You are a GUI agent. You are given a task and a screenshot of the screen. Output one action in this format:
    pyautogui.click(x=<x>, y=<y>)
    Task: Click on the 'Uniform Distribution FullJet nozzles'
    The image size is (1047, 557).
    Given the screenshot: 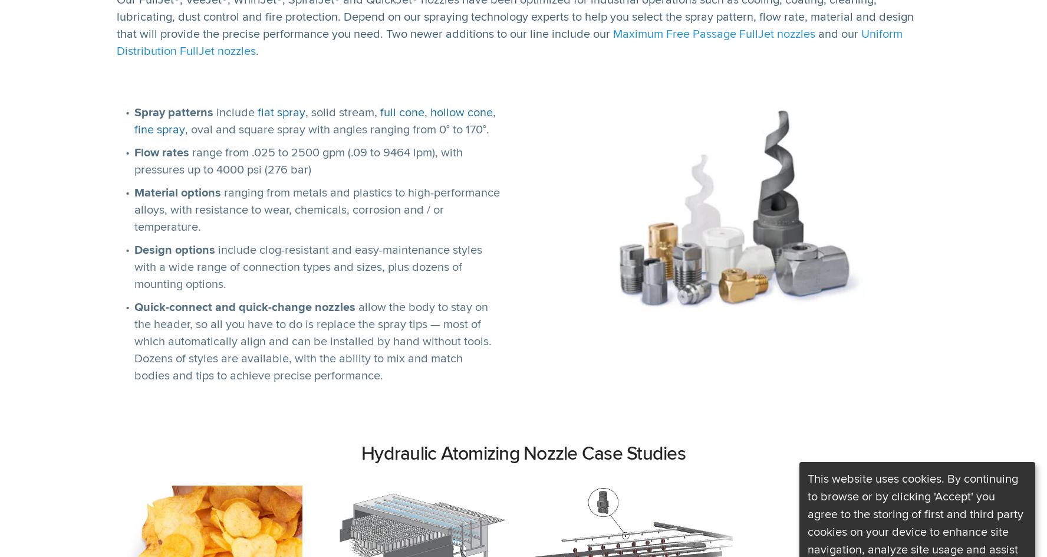 What is the action you would take?
    pyautogui.click(x=509, y=41)
    